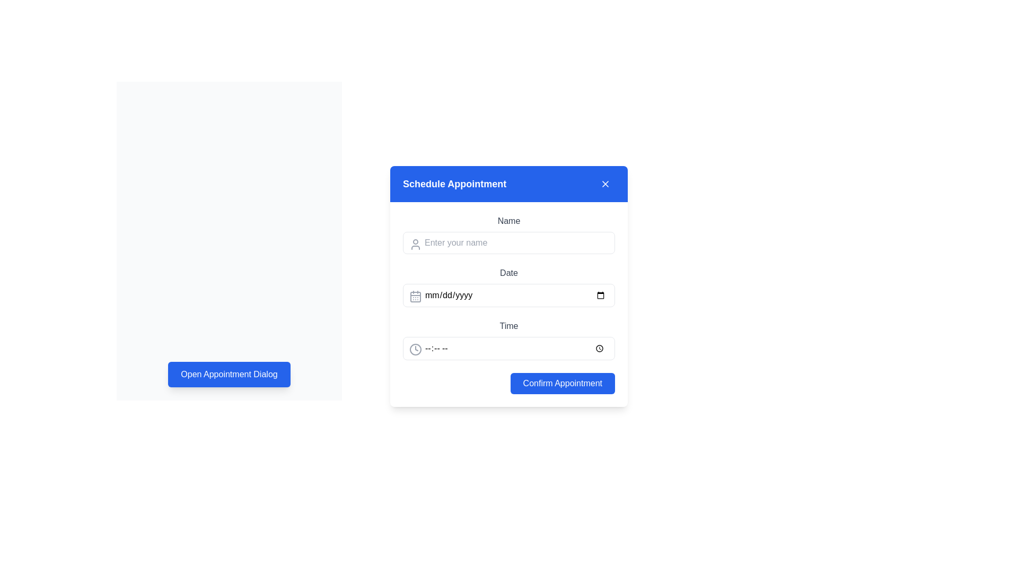  I want to click on the confirm button for scheduling an appointment, so click(562, 383).